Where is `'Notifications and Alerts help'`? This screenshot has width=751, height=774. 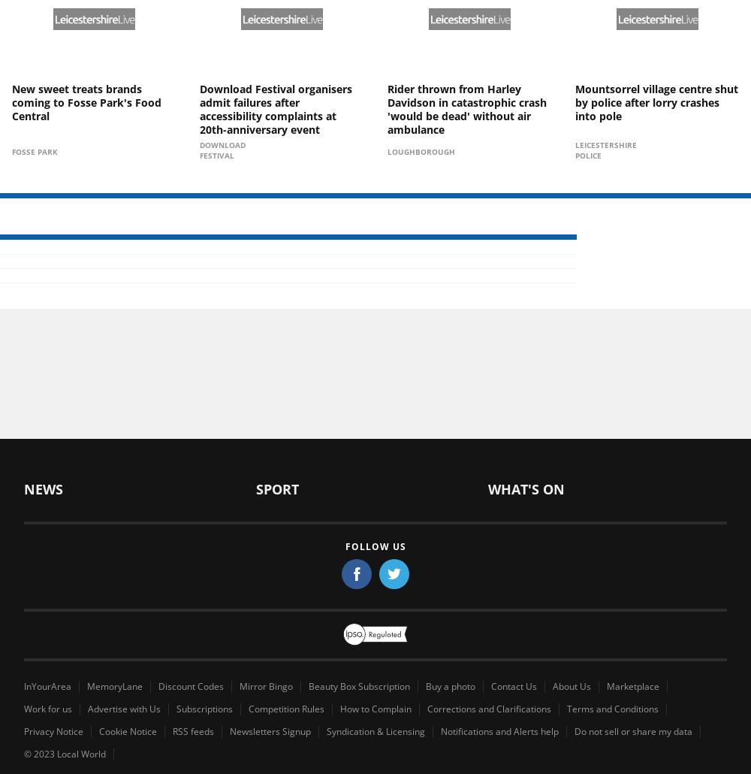 'Notifications and Alerts help' is located at coordinates (499, 730).